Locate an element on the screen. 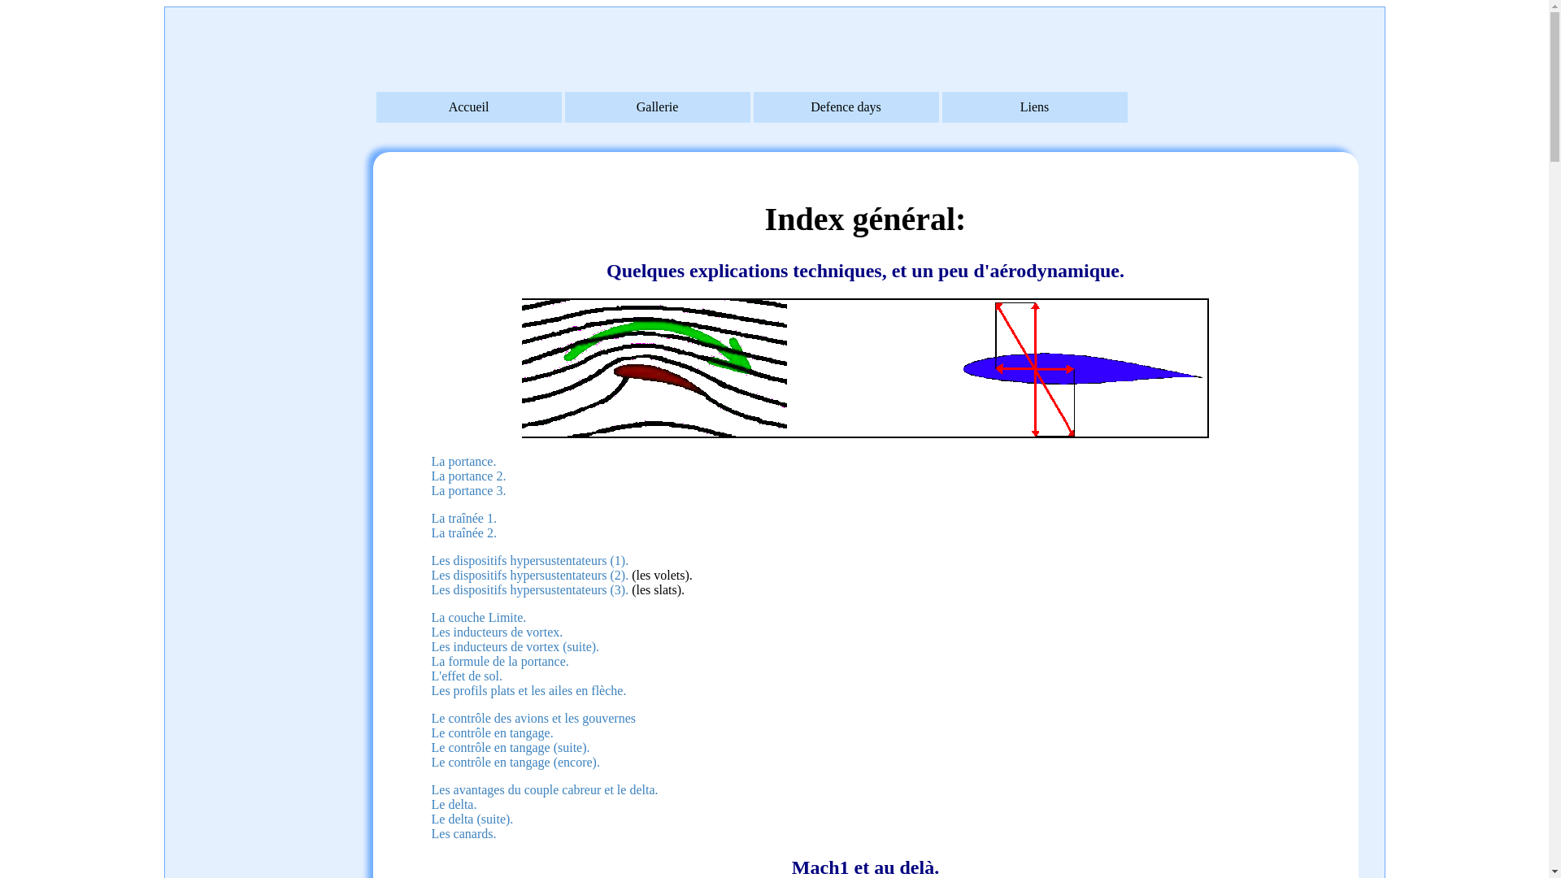  'Gallerie' is located at coordinates (564, 106).